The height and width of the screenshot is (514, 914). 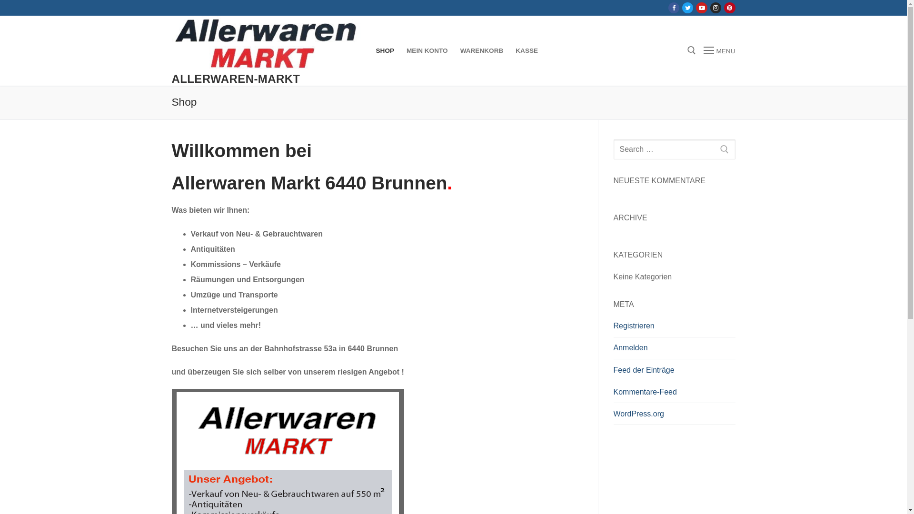 I want to click on 'Instagram', so click(x=715, y=8).